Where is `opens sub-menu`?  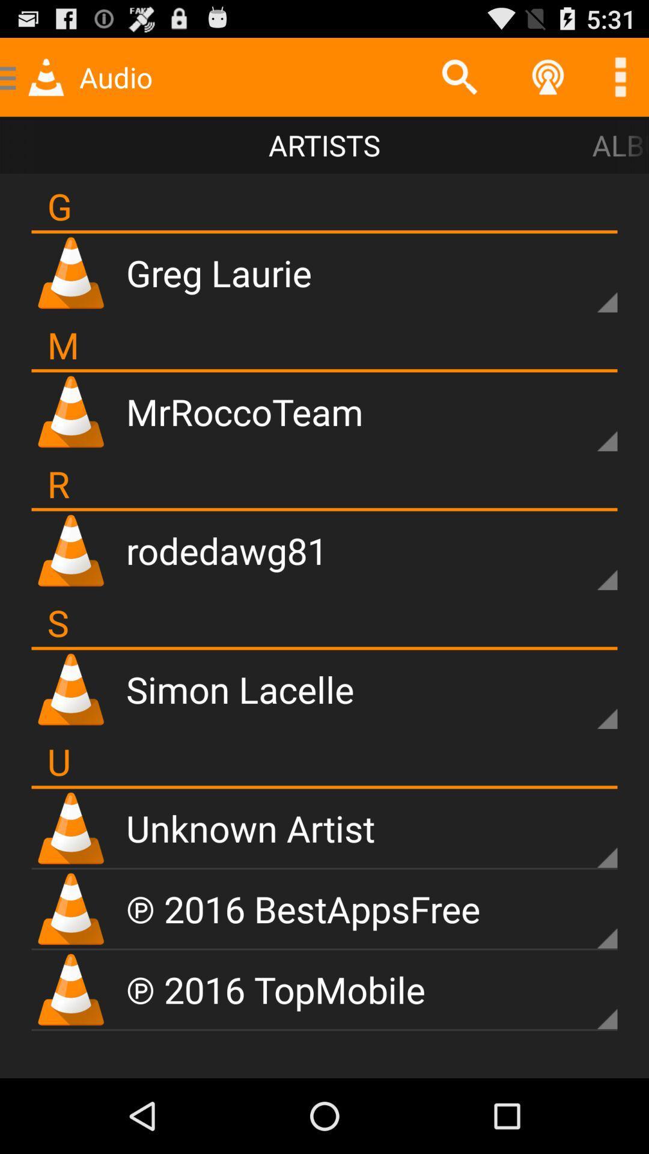
opens sub-menu is located at coordinates (586, 837).